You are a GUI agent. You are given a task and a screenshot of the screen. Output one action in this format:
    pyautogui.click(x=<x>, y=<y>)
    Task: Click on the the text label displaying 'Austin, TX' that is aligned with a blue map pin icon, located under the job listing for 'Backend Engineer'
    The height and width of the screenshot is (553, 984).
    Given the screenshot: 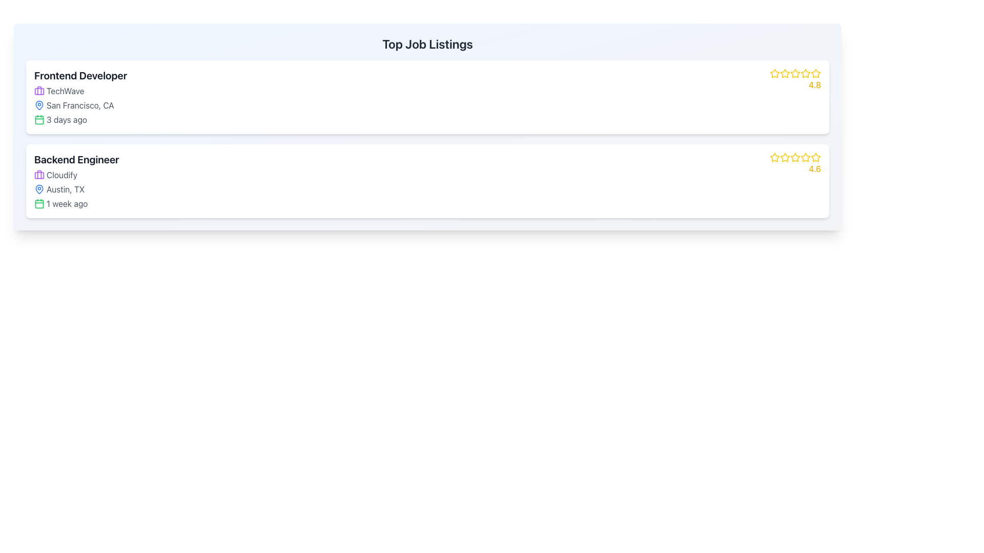 What is the action you would take?
    pyautogui.click(x=76, y=189)
    